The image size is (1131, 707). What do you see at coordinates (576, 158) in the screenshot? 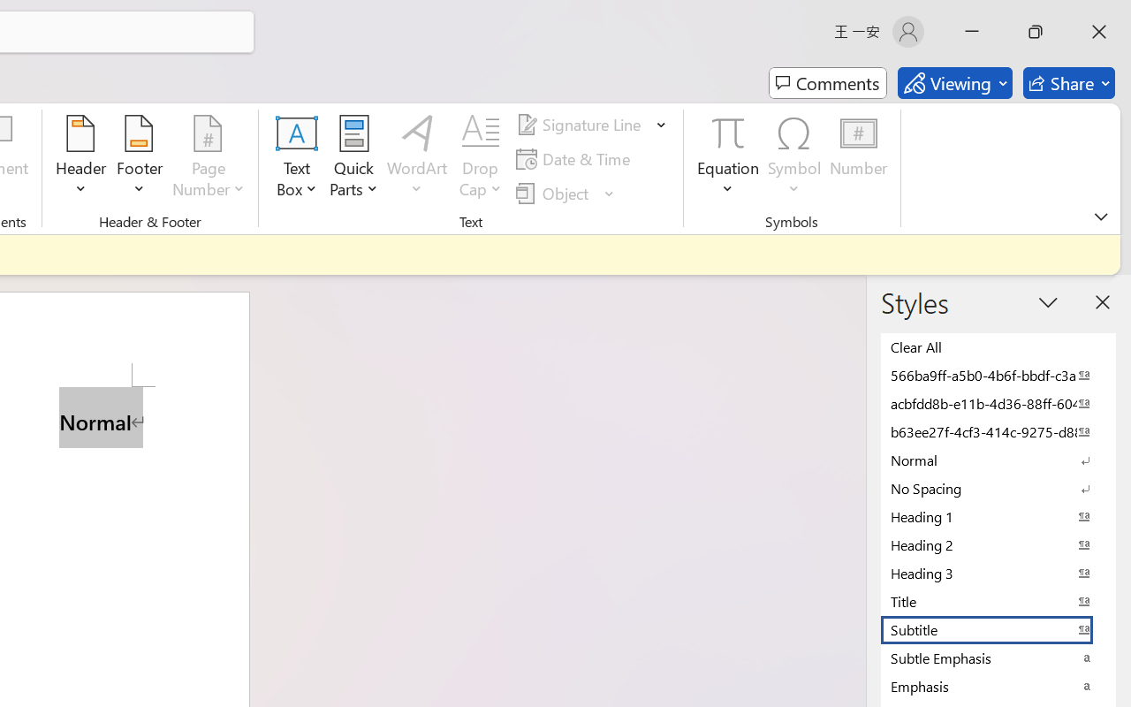
I see `'Date & Time...'` at bounding box center [576, 158].